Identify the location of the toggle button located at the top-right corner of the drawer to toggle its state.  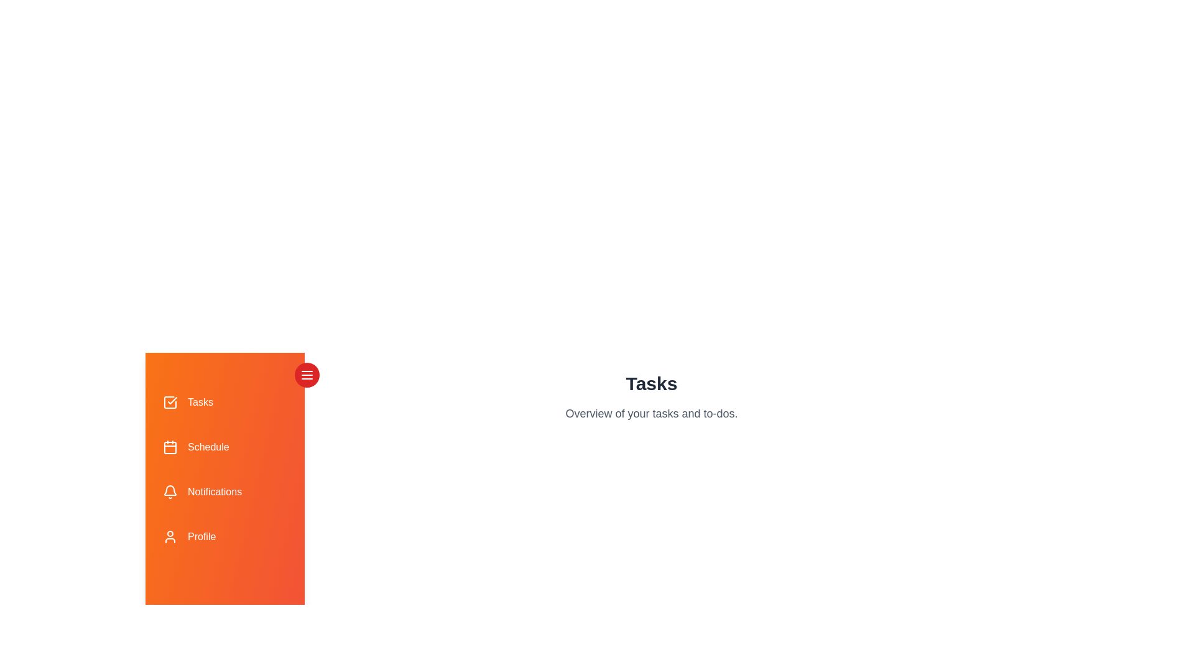
(307, 374).